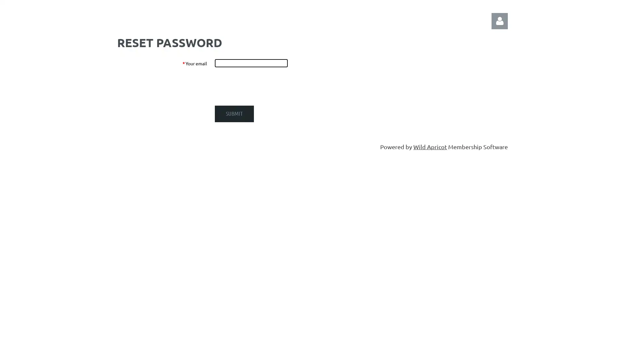 The width and height of the screenshot is (625, 351). What do you see at coordinates (234, 113) in the screenshot?
I see `Submit` at bounding box center [234, 113].